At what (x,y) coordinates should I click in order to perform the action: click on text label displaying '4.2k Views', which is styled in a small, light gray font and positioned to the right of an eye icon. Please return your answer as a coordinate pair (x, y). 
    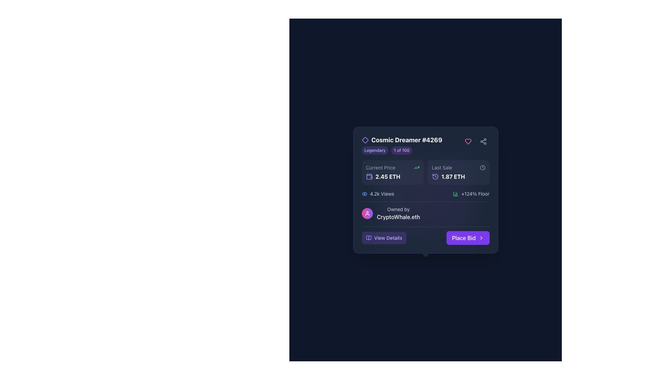
    Looking at the image, I should click on (382, 194).